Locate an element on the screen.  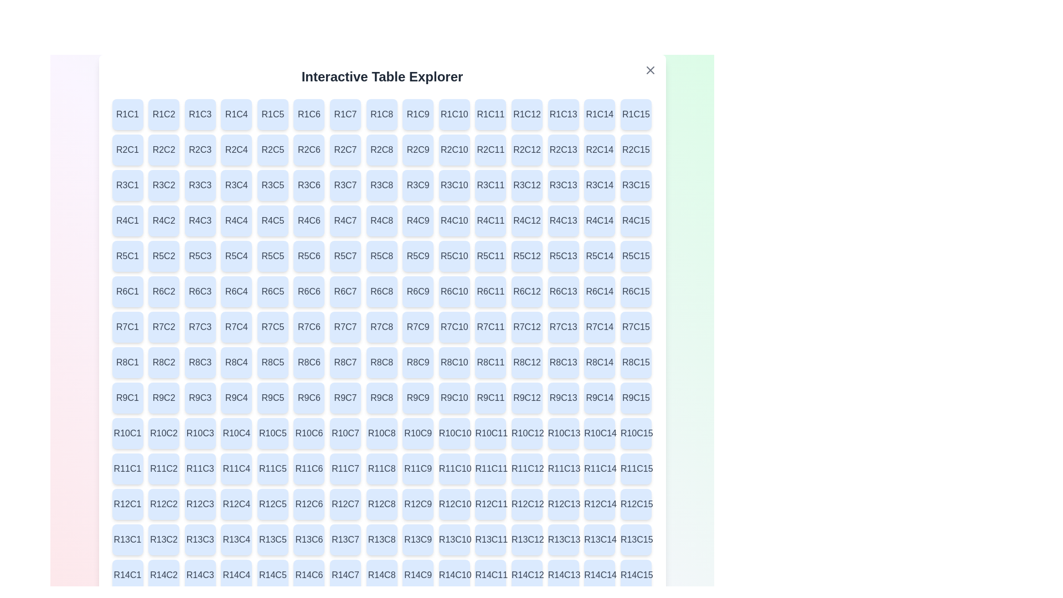
'X' button located at the top-right corner of the dialog to close it is located at coordinates (650, 70).